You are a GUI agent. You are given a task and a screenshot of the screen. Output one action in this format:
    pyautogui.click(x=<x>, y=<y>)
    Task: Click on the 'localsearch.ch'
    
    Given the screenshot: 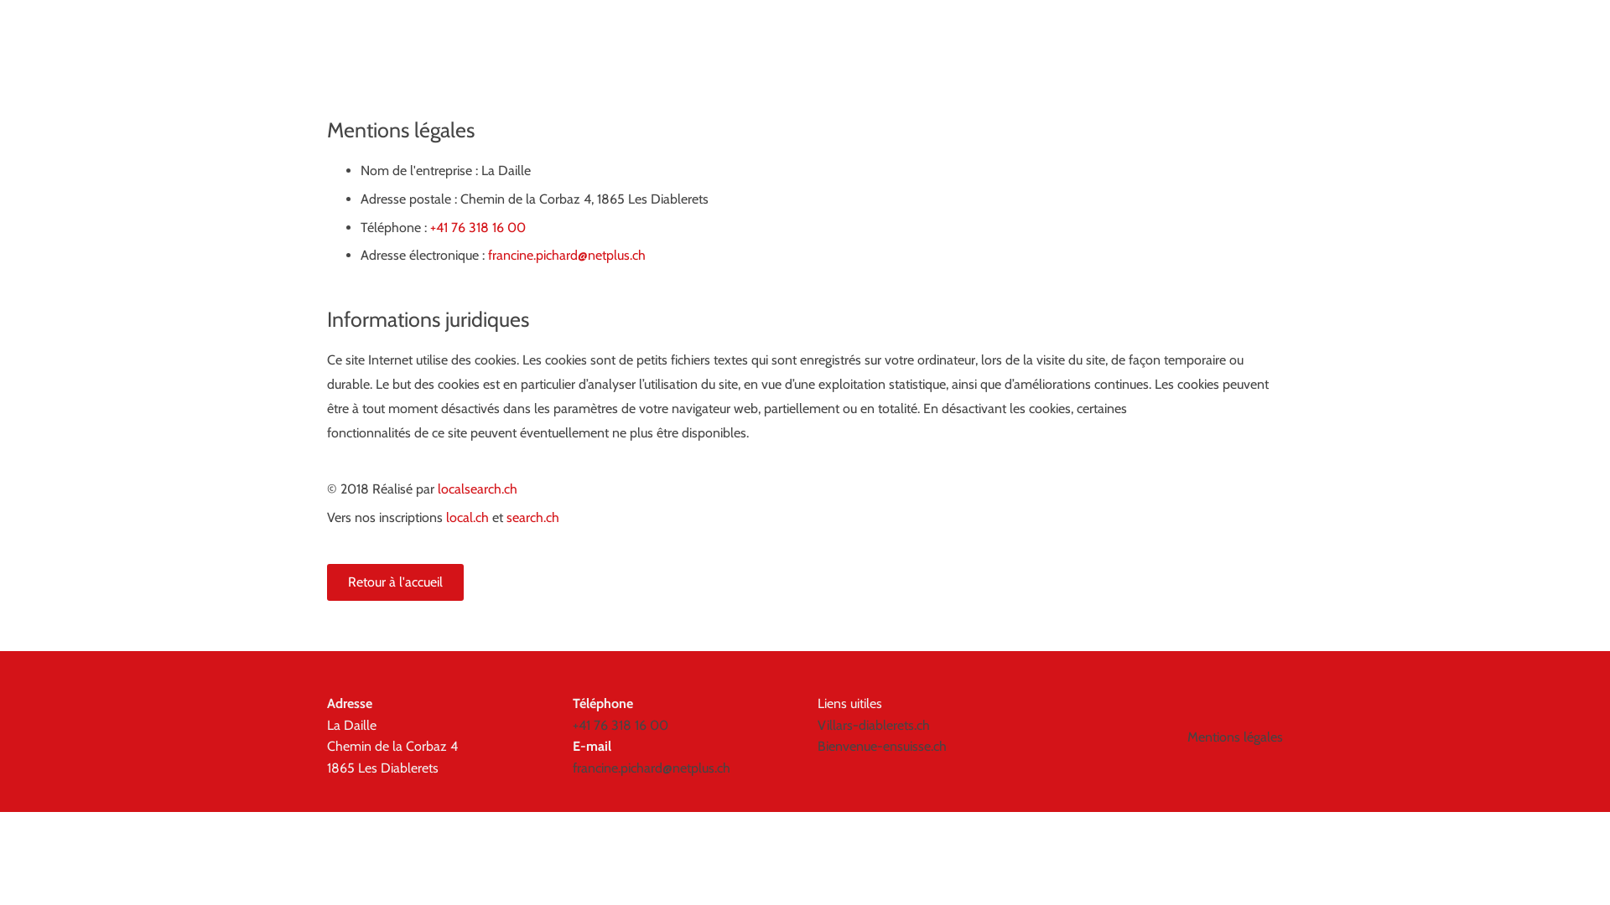 What is the action you would take?
    pyautogui.click(x=476, y=489)
    